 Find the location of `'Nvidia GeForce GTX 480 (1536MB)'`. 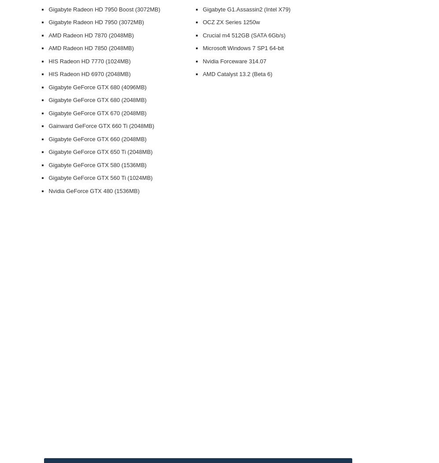

'Nvidia GeForce GTX 480 (1536MB)' is located at coordinates (94, 190).